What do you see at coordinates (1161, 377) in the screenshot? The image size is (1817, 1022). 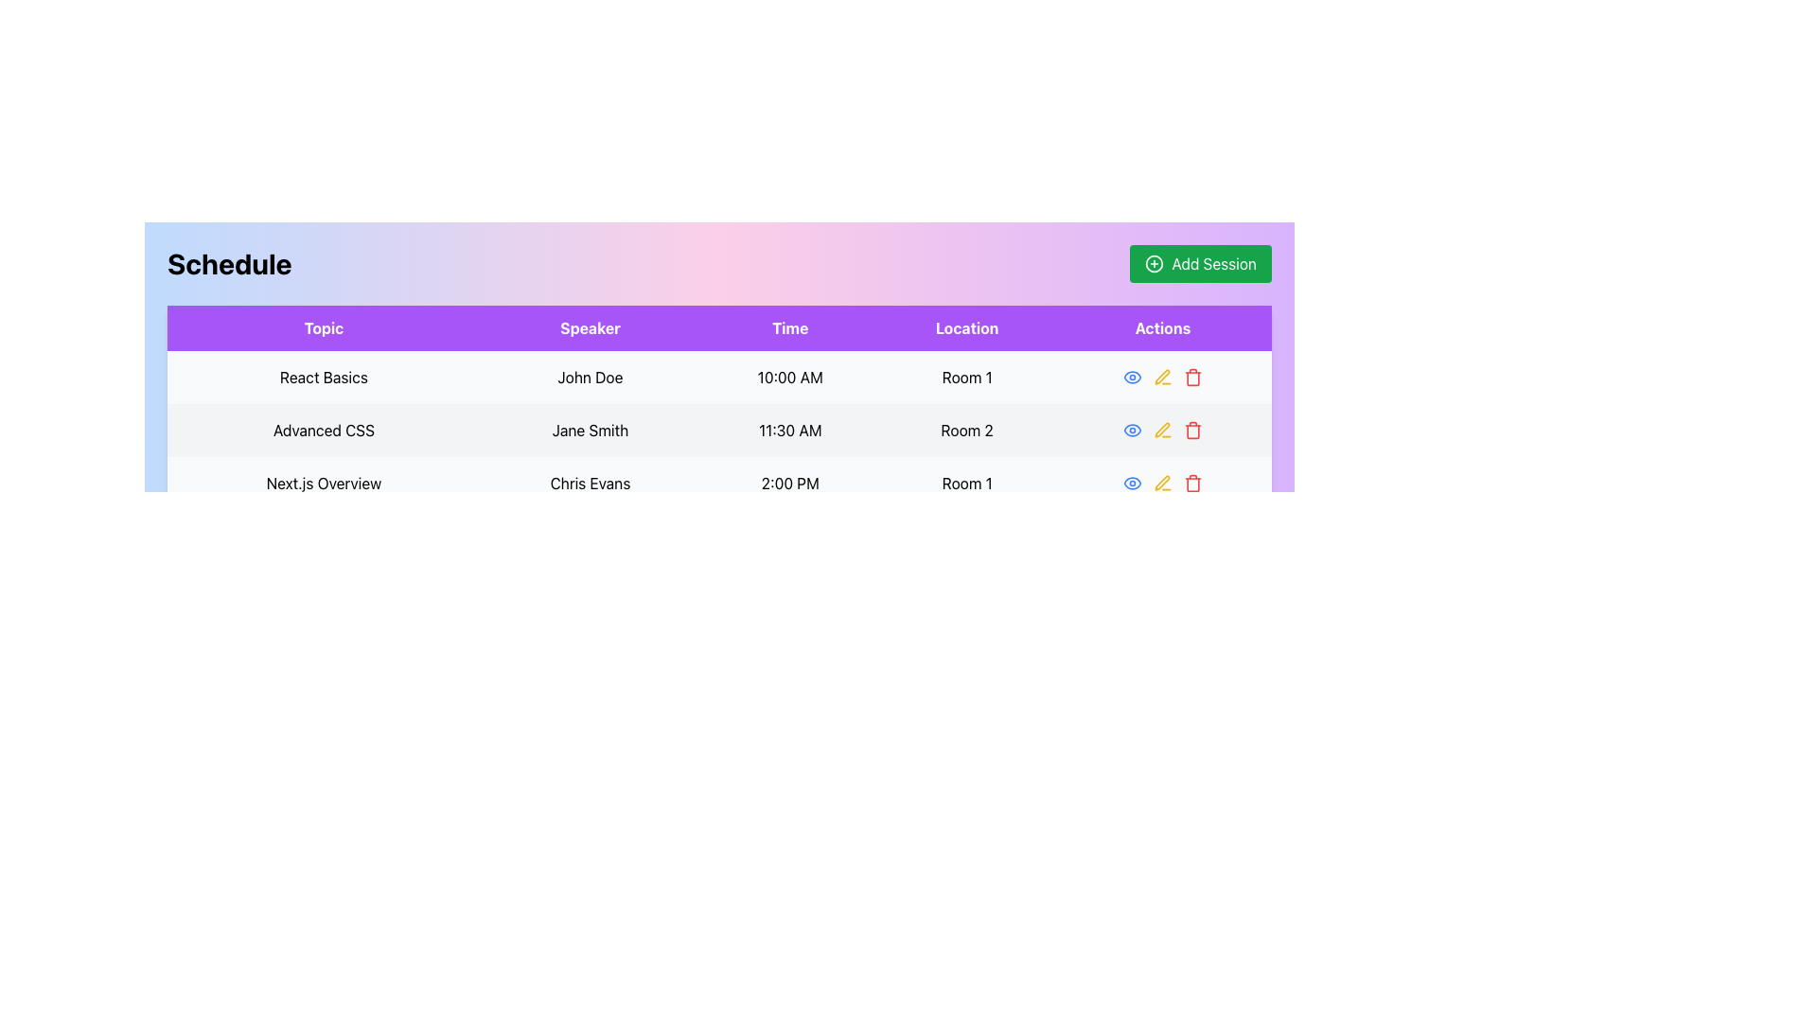 I see `the edit button in the 'Actions' column of the table for the second row associated with the 'Advanced CSS' topic to modify the details` at bounding box center [1161, 377].